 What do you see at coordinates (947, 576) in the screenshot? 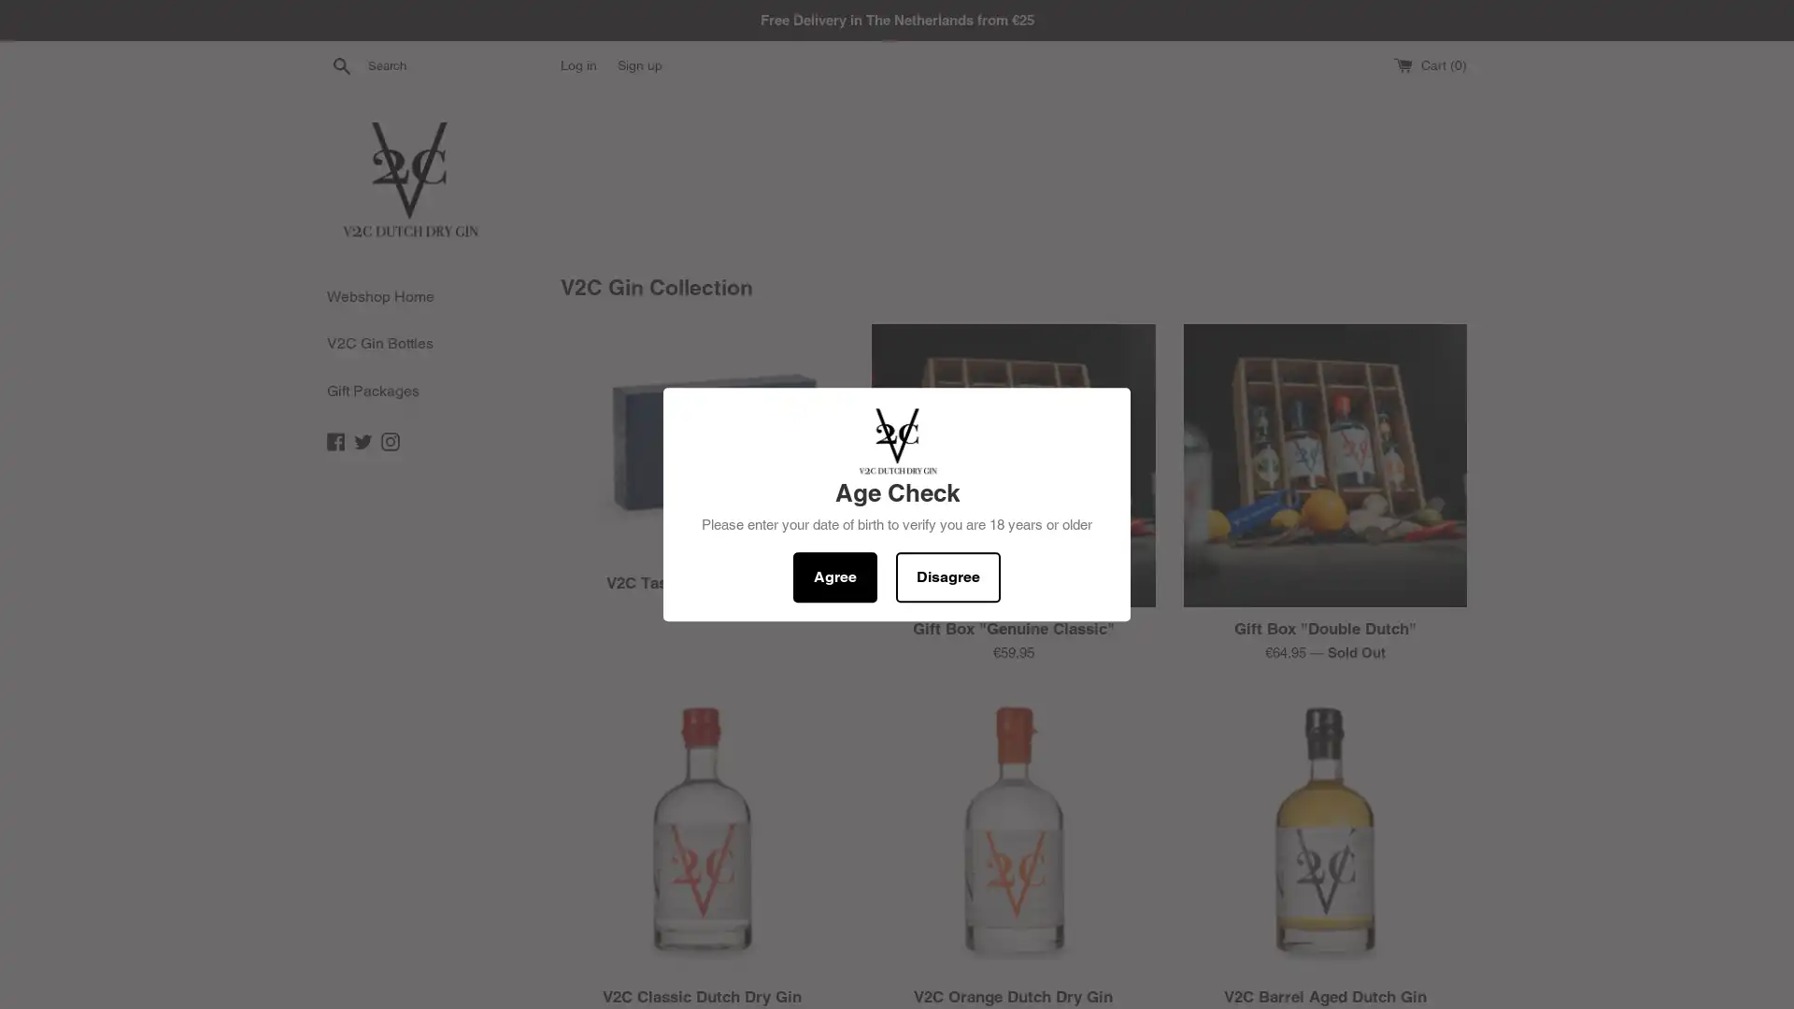
I see `Disagree` at bounding box center [947, 576].